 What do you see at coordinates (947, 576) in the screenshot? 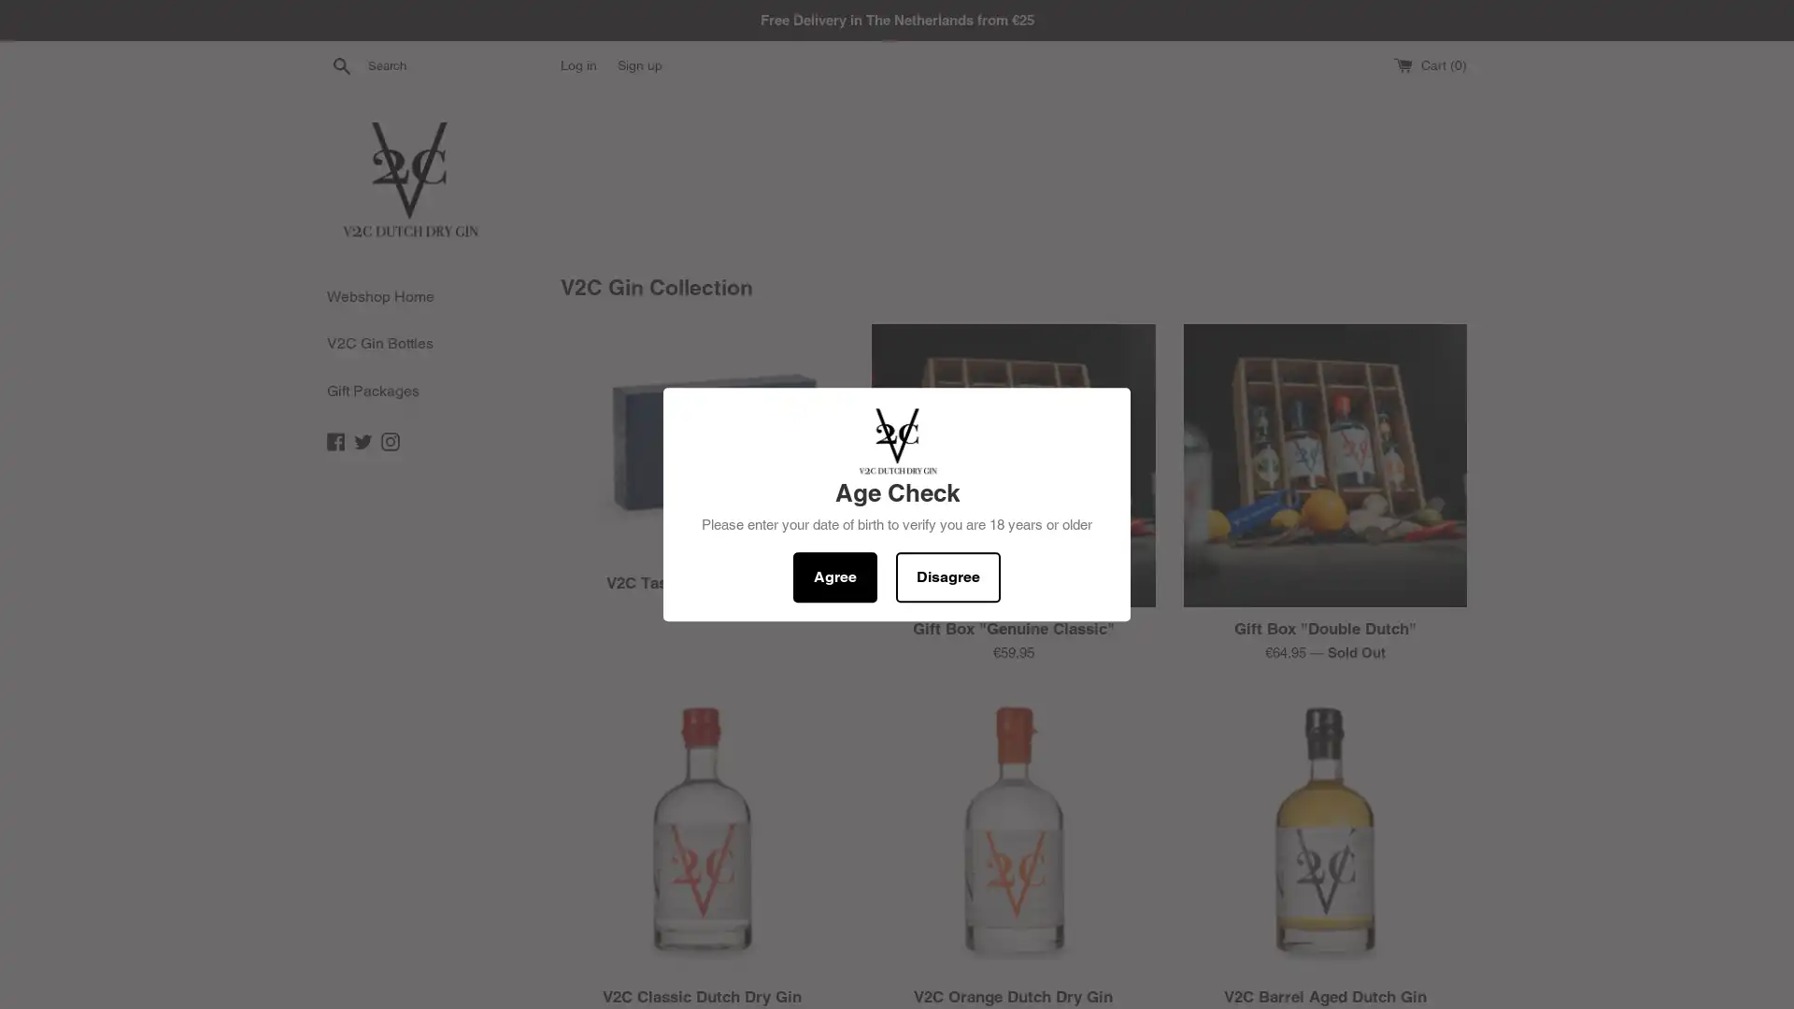
I see `Disagree` at bounding box center [947, 576].